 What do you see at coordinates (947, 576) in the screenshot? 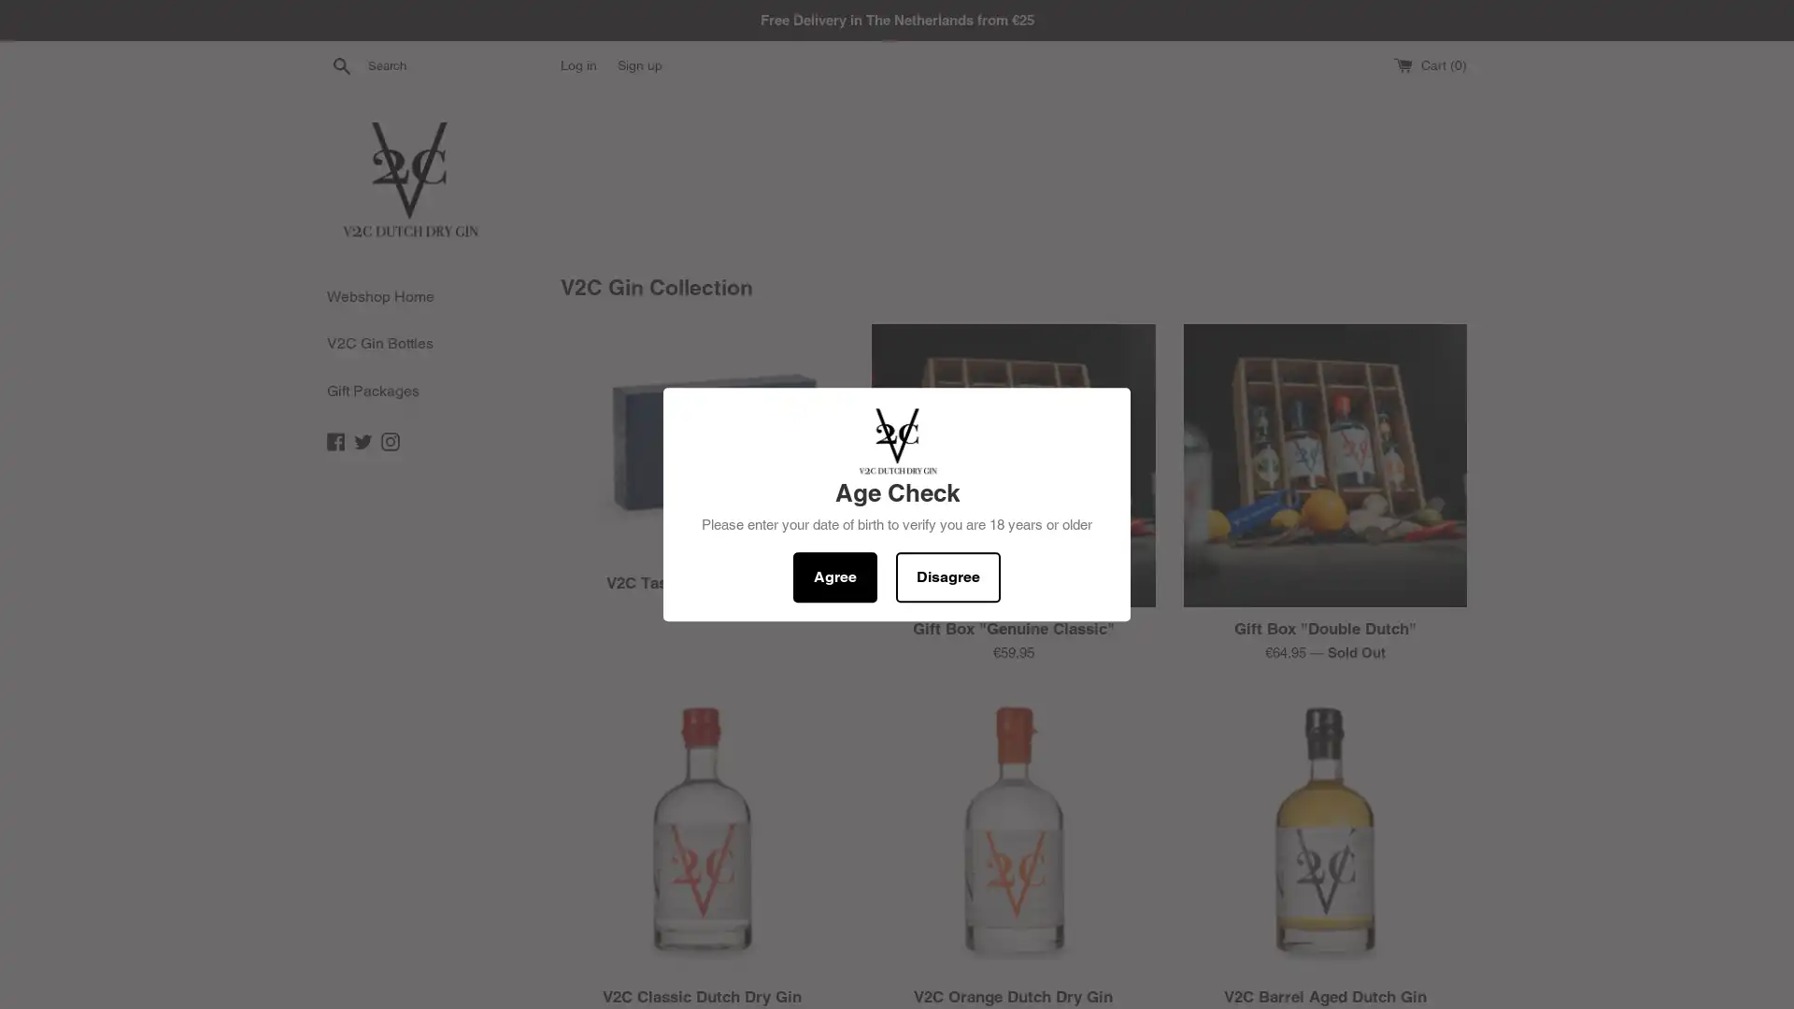
I see `Disagree` at bounding box center [947, 576].